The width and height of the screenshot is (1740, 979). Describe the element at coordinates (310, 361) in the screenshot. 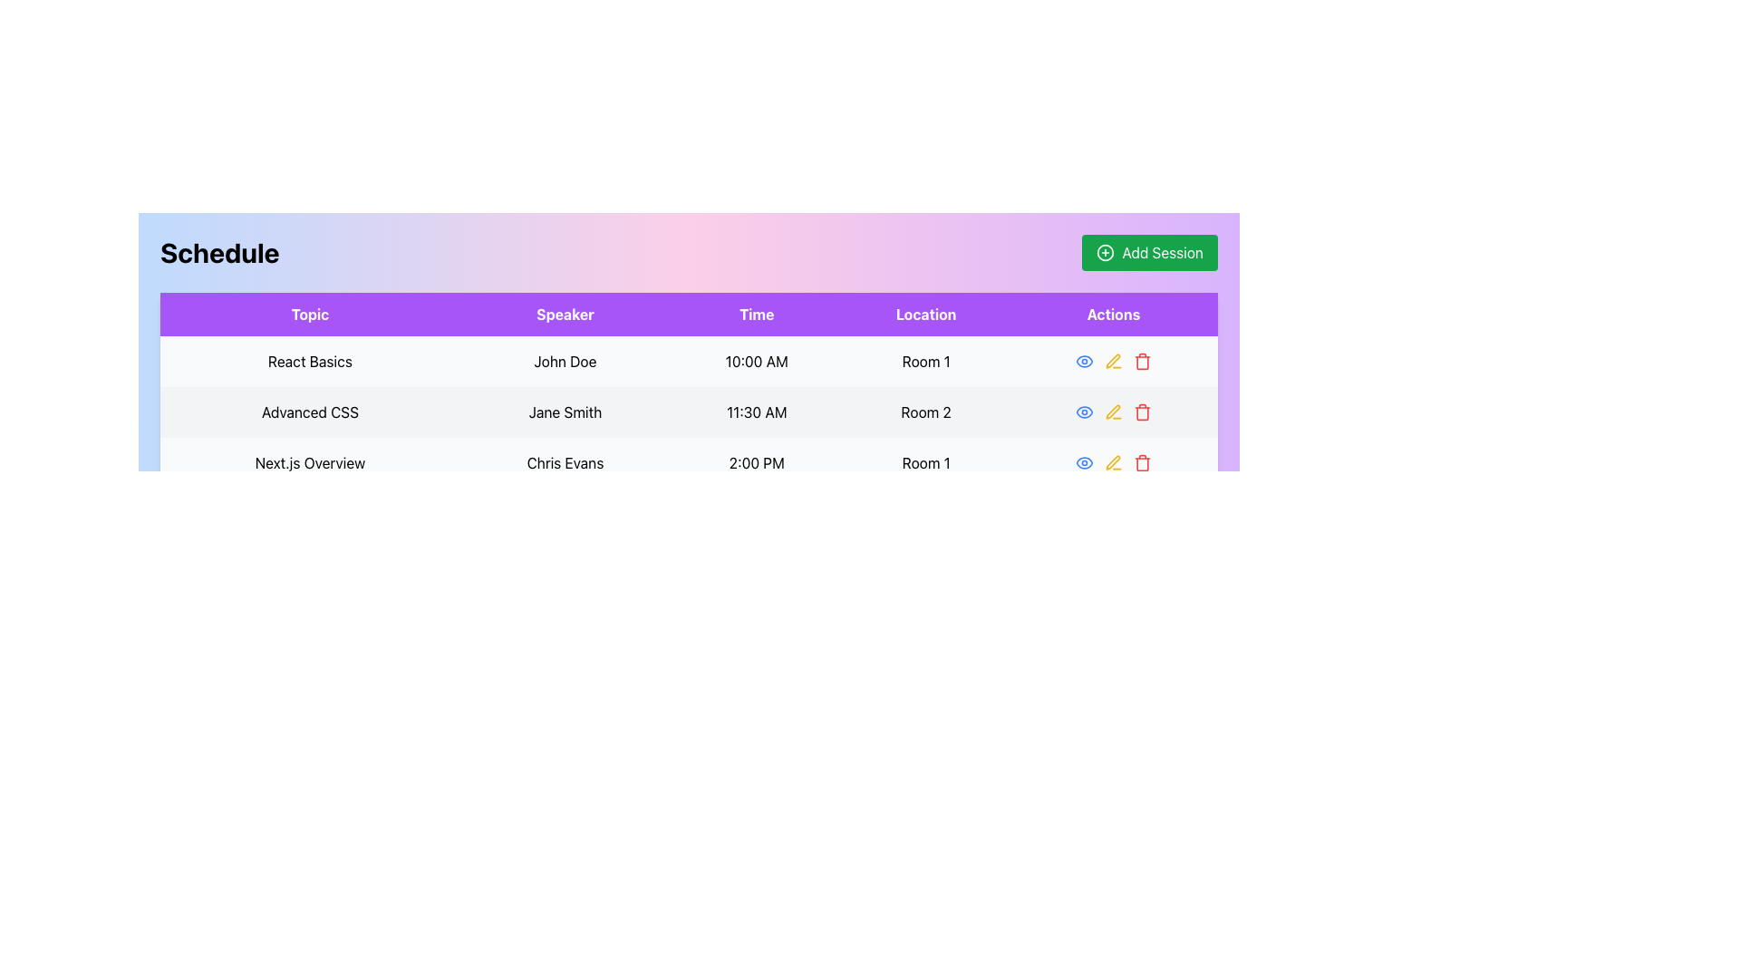

I see `the Text Label displaying the topic name of the session, which is located in the first row of the table under the 'Topic' header, aligned to the left of the 'Speaker' column represented by 'John Doe'` at that location.